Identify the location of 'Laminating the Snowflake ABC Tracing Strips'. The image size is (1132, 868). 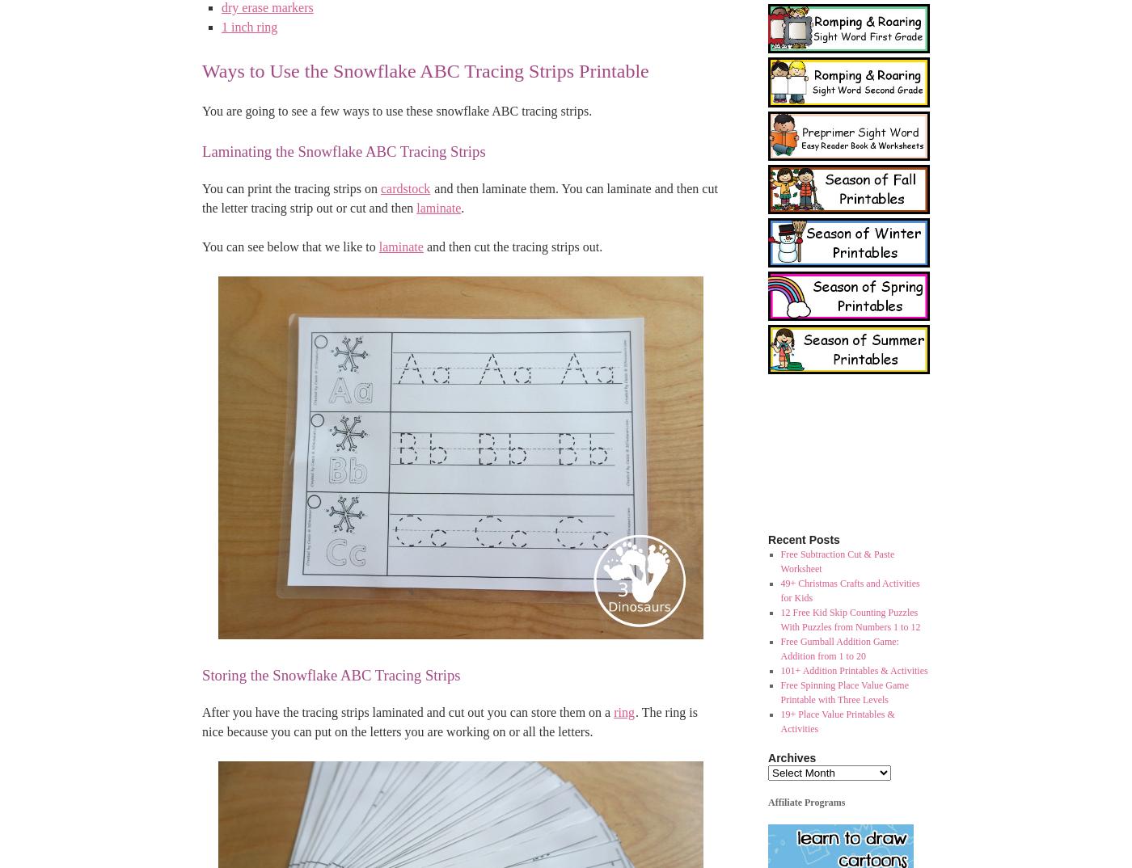
(343, 151).